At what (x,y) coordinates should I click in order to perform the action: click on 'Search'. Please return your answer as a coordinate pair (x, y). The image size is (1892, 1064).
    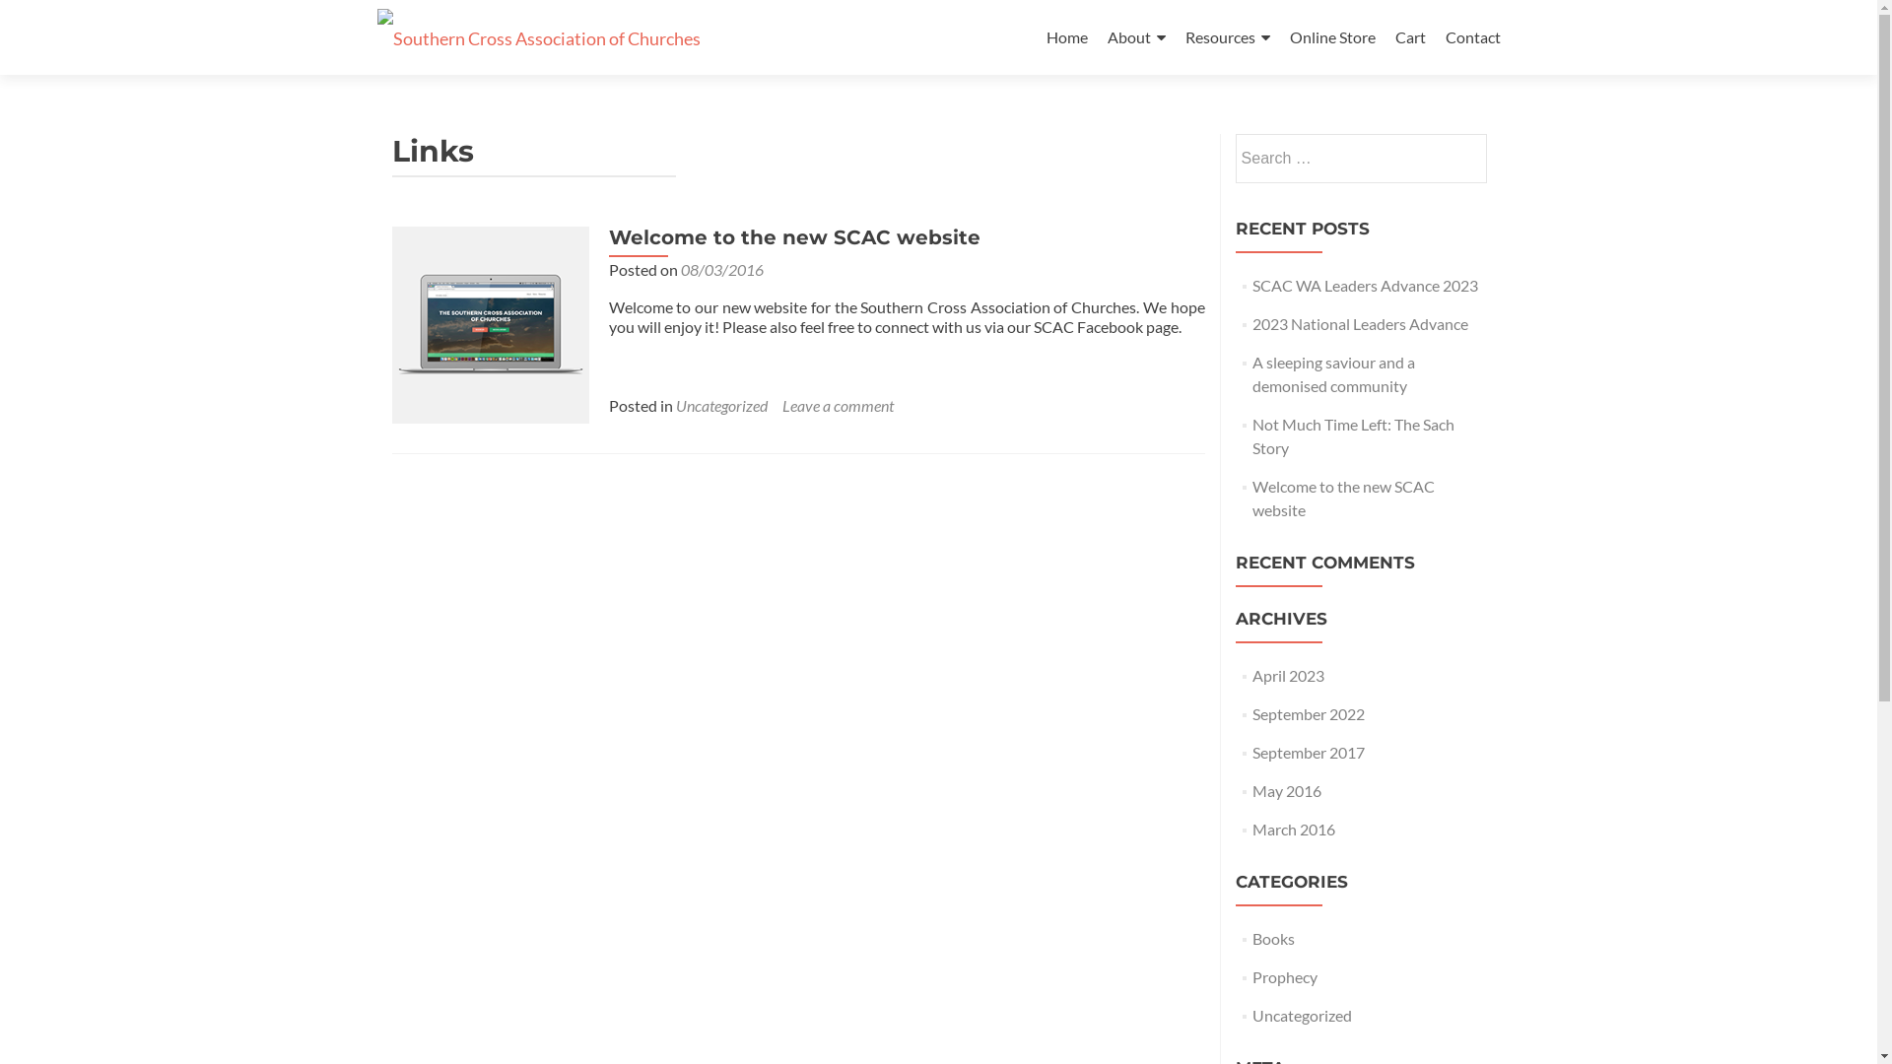
    Looking at the image, I should click on (1441, 155).